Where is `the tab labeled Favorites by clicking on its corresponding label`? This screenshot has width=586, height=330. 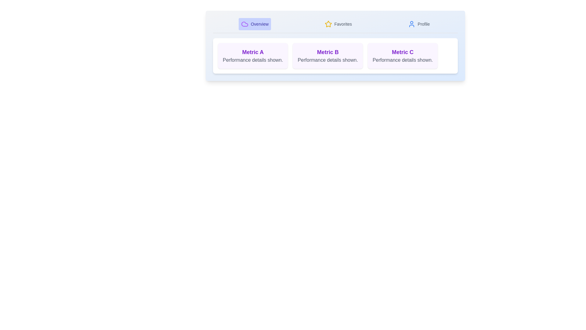 the tab labeled Favorites by clicking on its corresponding label is located at coordinates (338, 24).